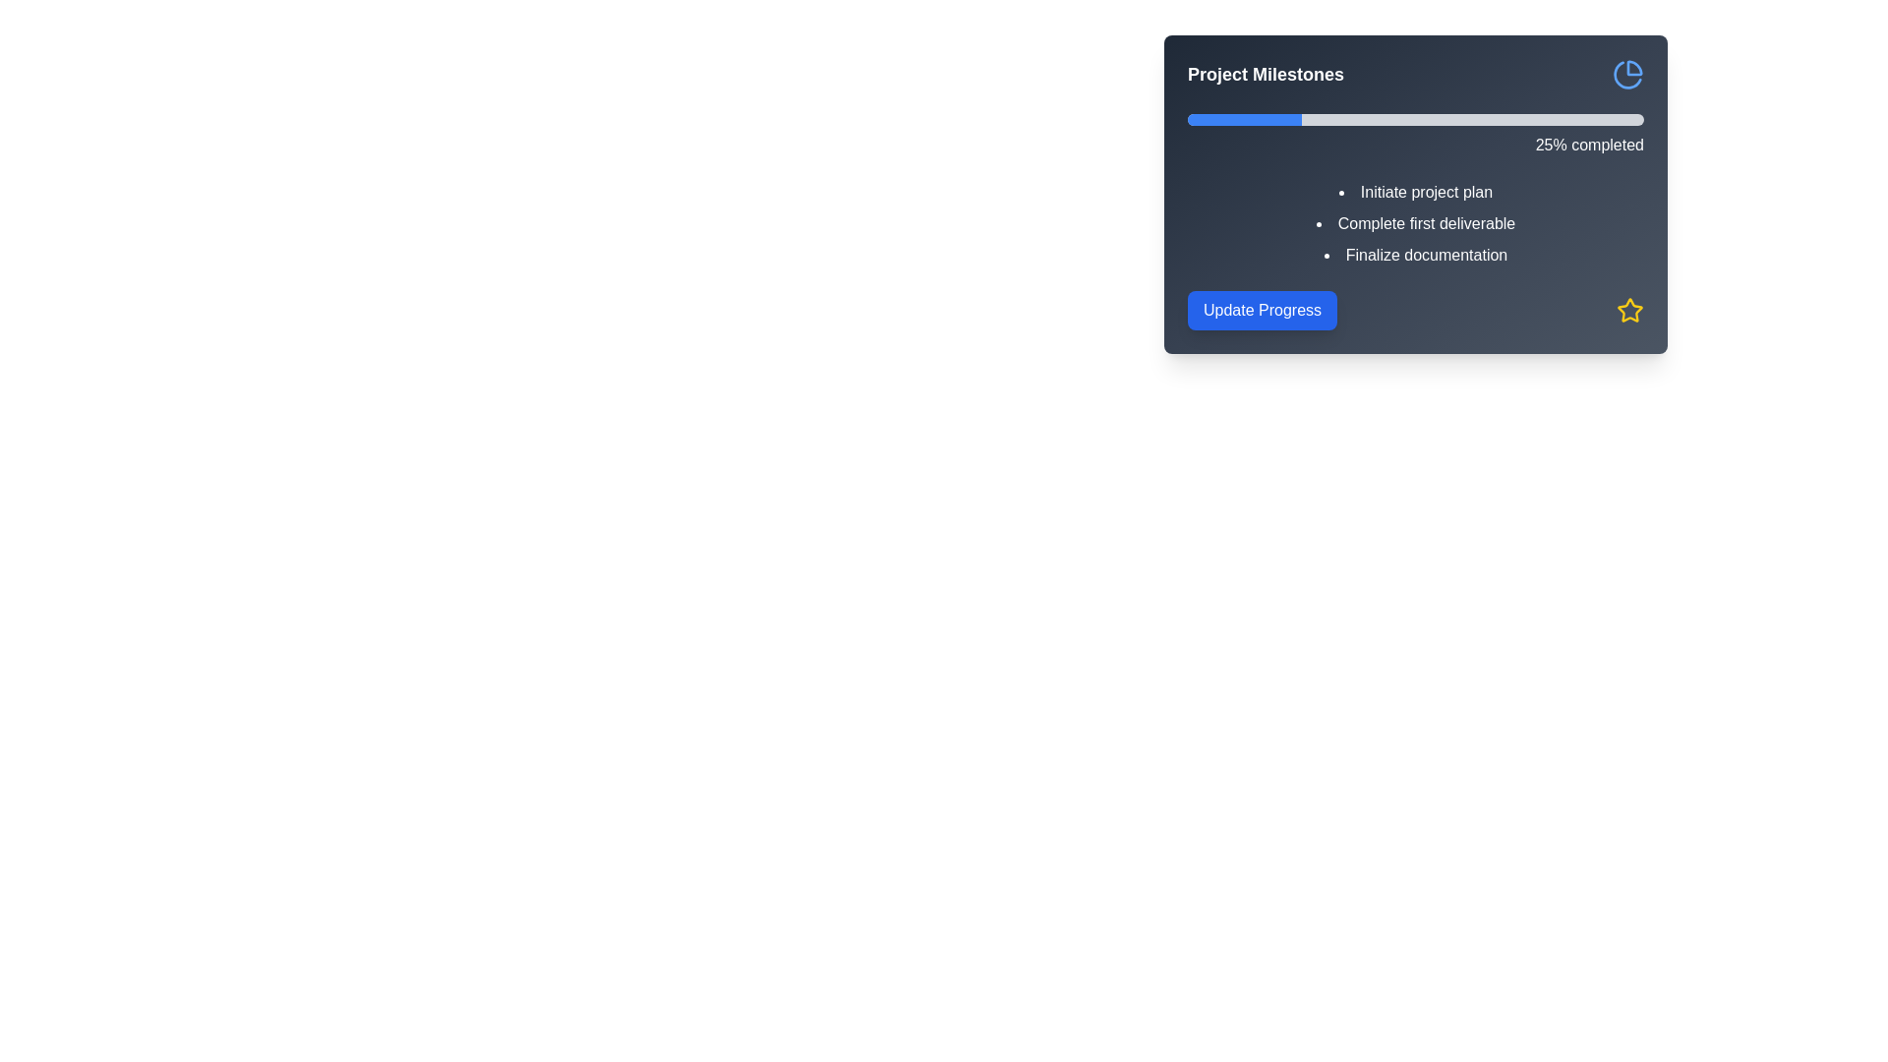  What do you see at coordinates (1255, 120) in the screenshot?
I see `progress` at bounding box center [1255, 120].